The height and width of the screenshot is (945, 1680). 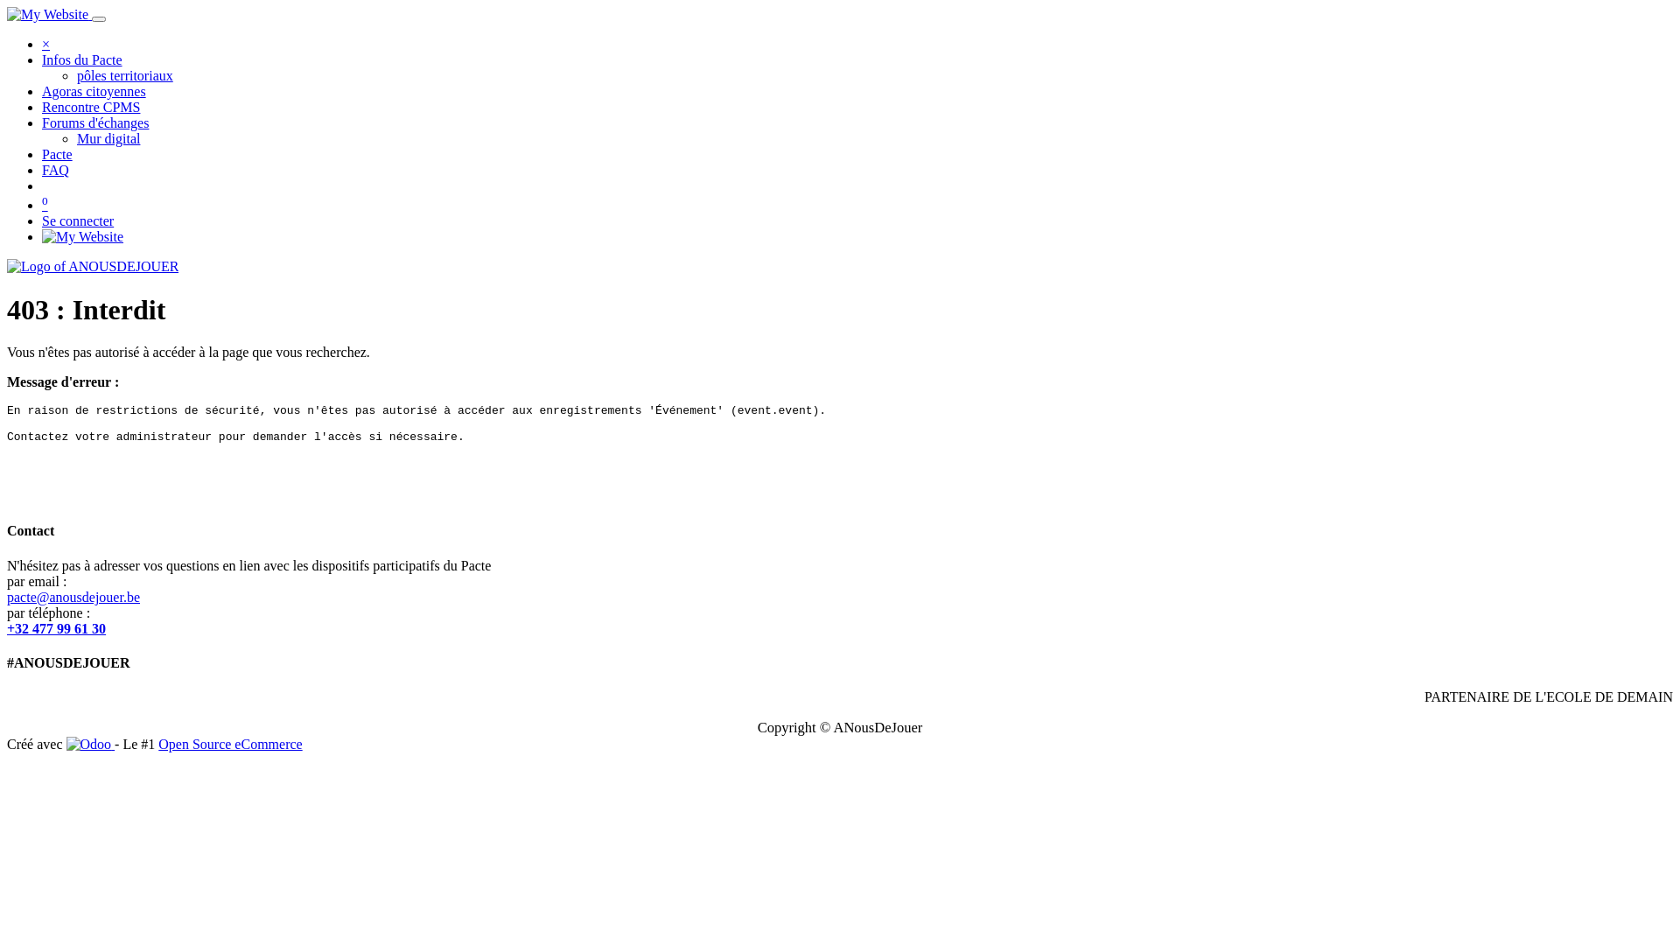 I want to click on 'My Website', so click(x=81, y=236).